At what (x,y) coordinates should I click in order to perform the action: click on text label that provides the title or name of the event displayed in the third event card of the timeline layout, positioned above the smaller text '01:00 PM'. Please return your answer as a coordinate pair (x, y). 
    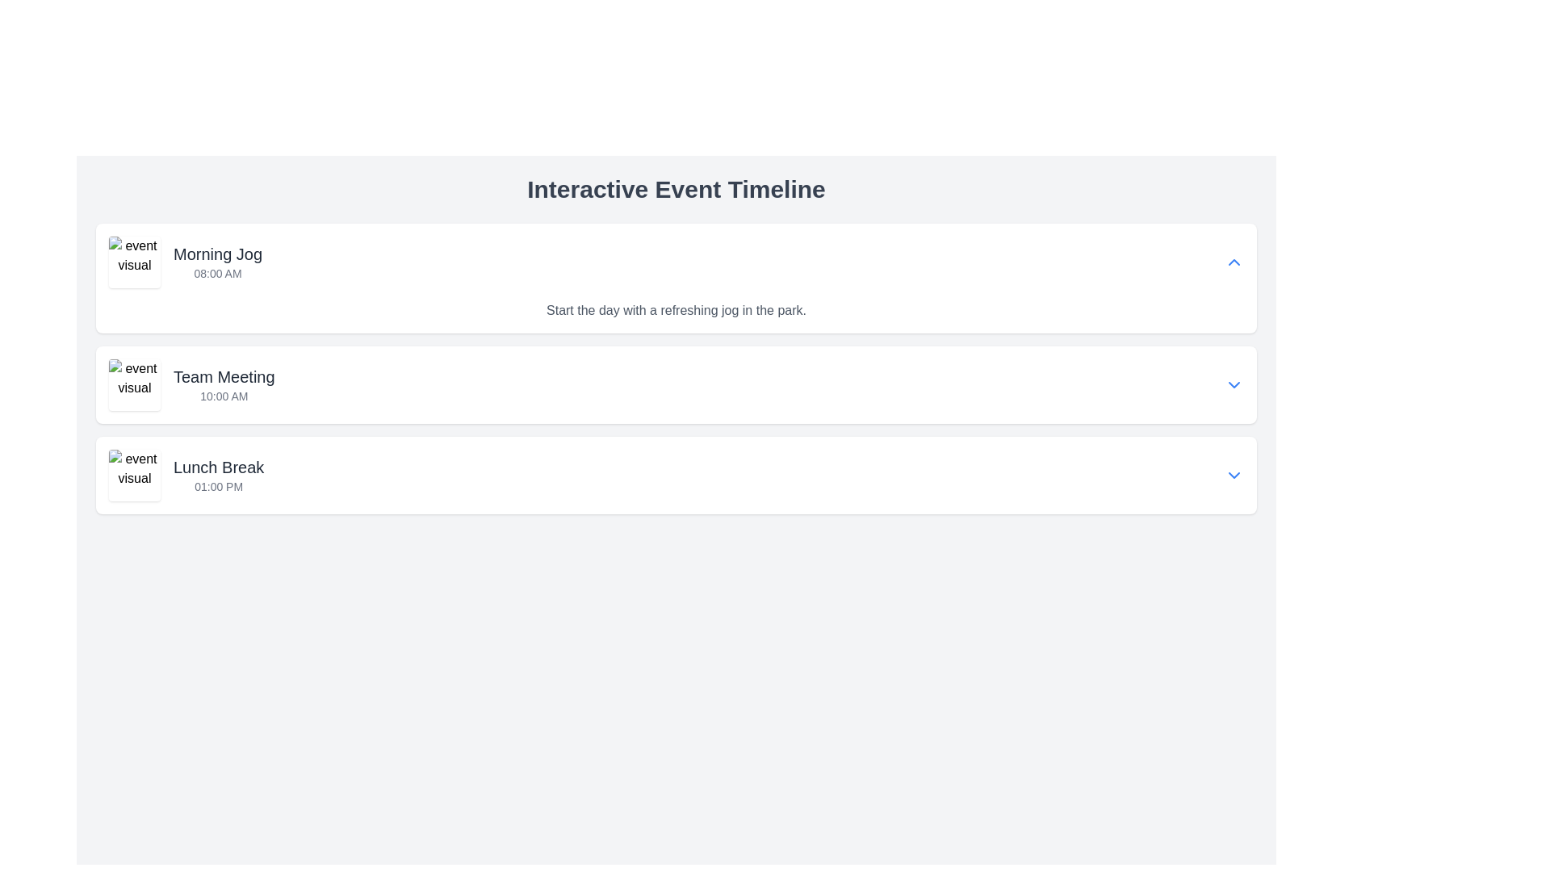
    Looking at the image, I should click on (218, 467).